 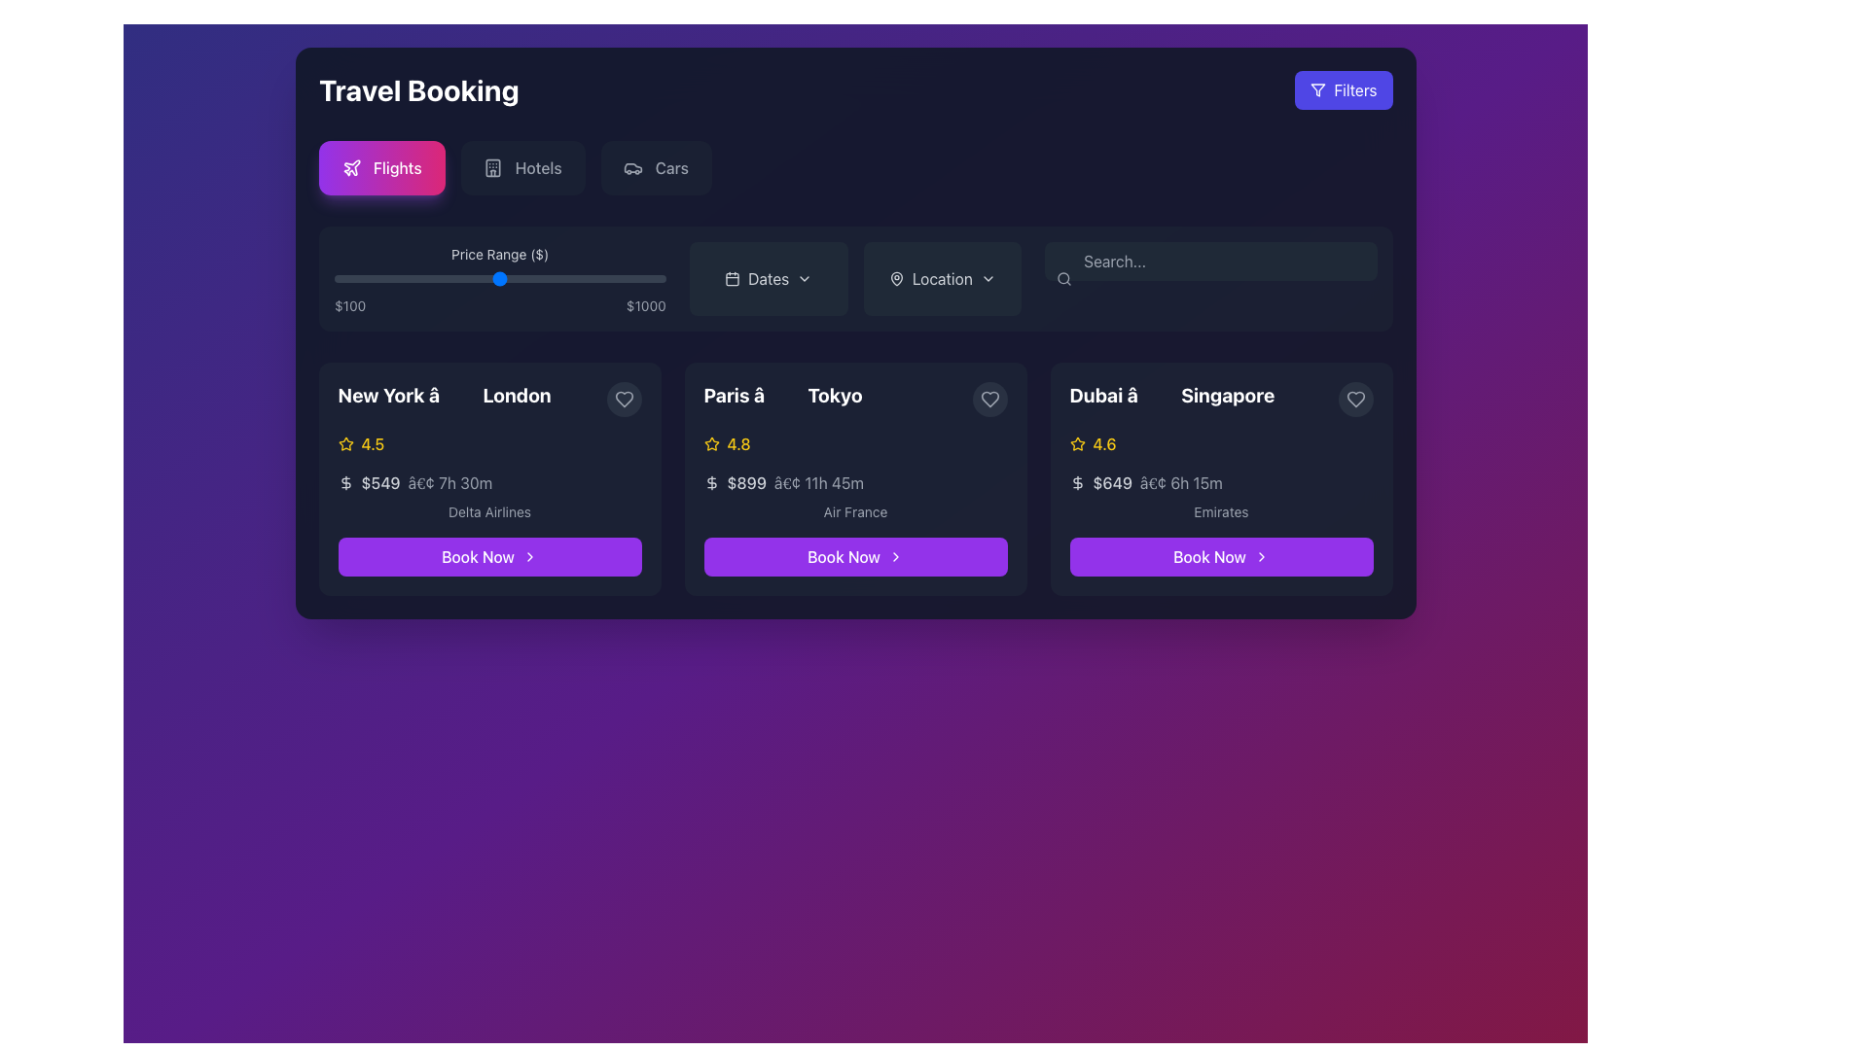 What do you see at coordinates (732, 278) in the screenshot?
I see `the small outlined calendar icon located to the left of the 'Dates' text in the header bar` at bounding box center [732, 278].